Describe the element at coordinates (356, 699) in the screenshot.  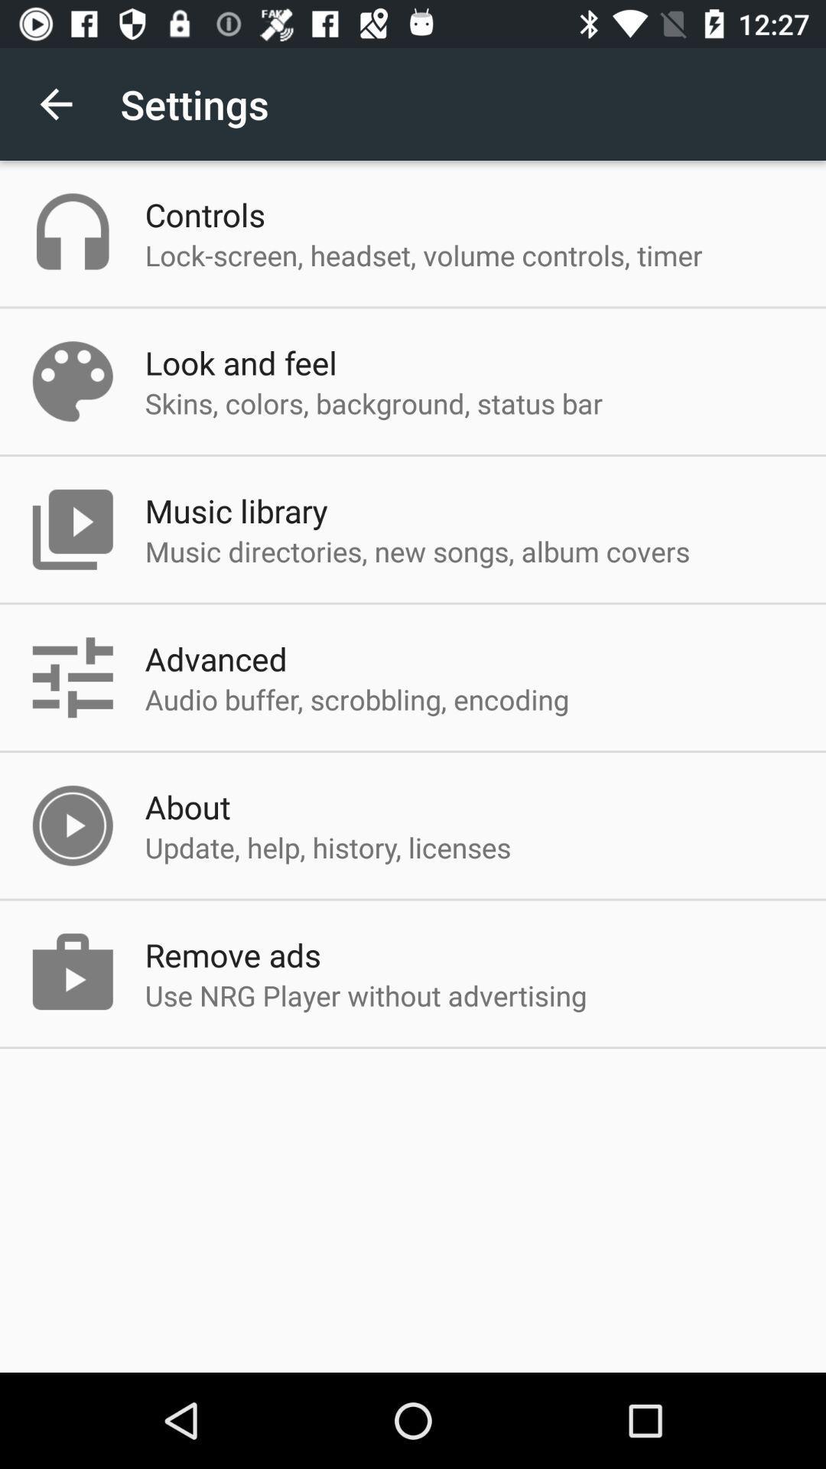
I see `icon above about icon` at that location.